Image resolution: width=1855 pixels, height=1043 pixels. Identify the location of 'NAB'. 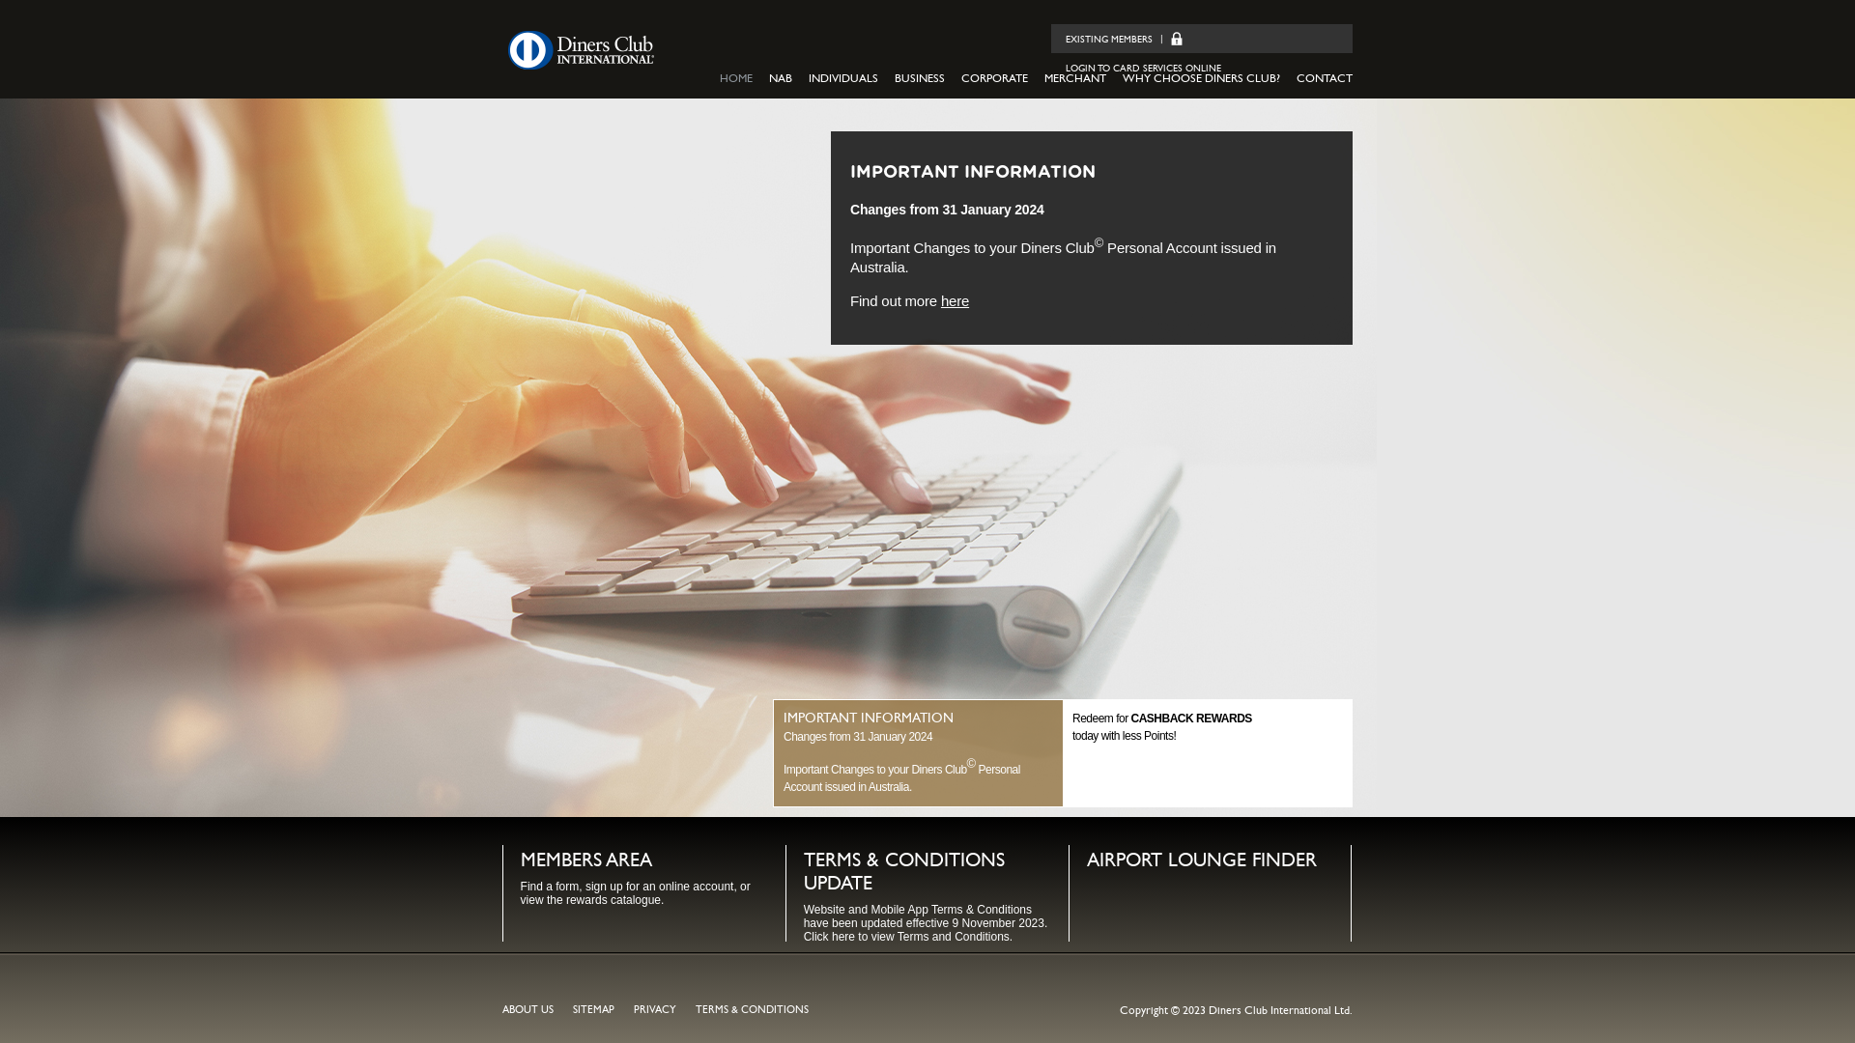
(780, 77).